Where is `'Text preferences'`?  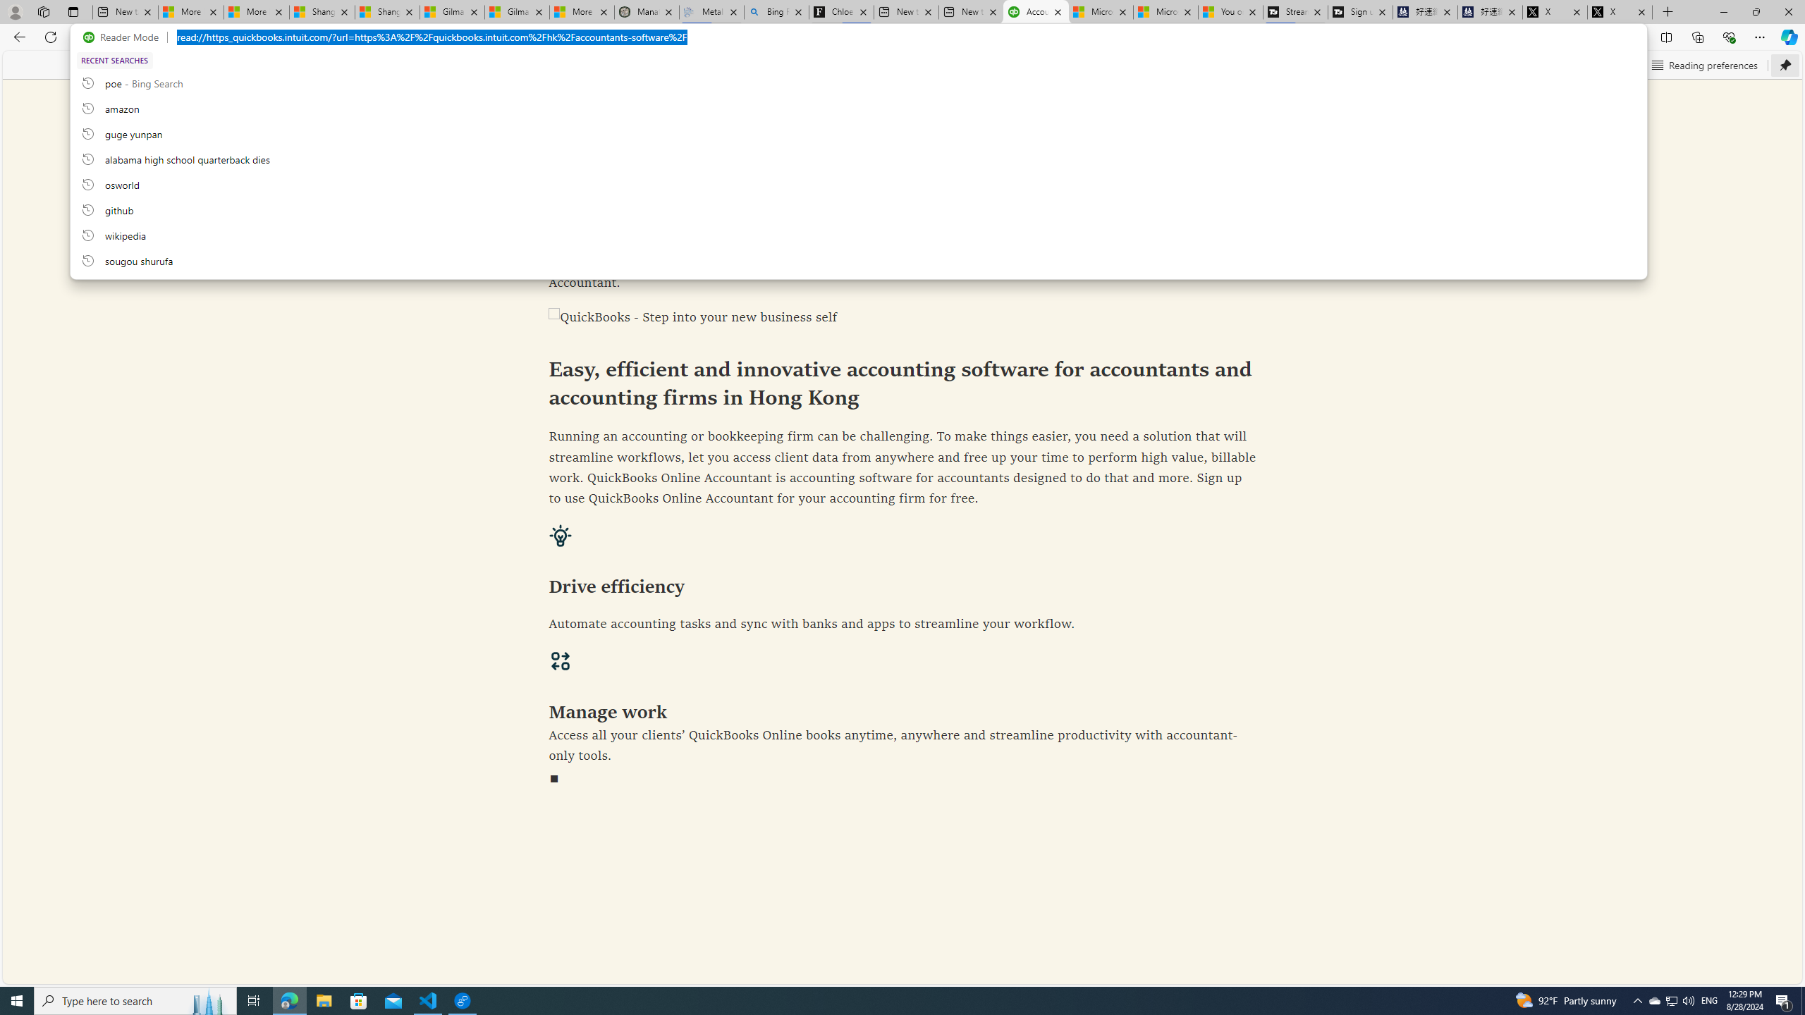 'Text preferences' is located at coordinates (1591, 64).